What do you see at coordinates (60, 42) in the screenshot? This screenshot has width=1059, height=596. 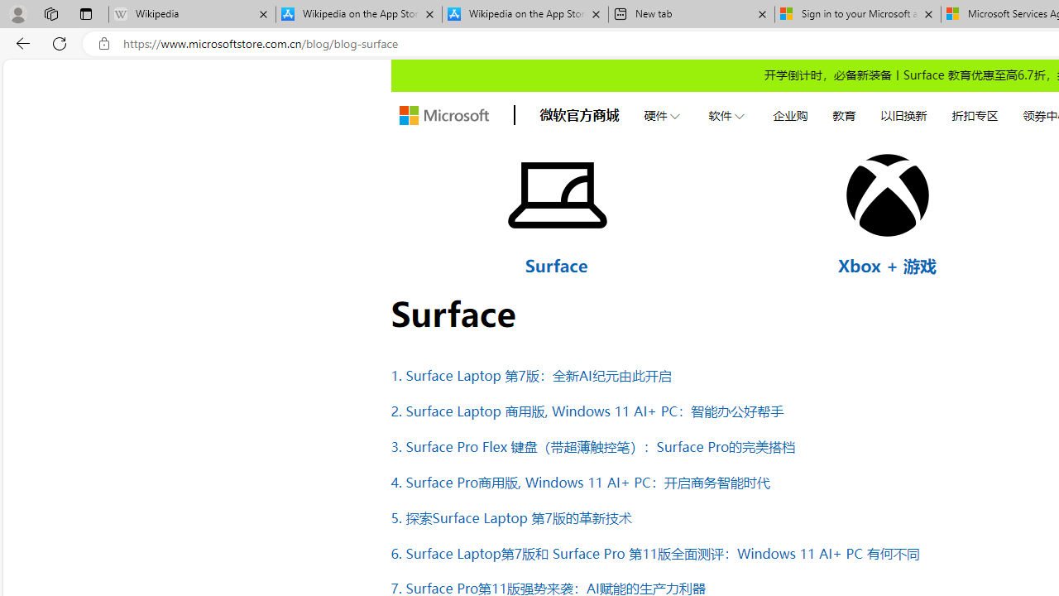 I see `'Refresh'` at bounding box center [60, 42].